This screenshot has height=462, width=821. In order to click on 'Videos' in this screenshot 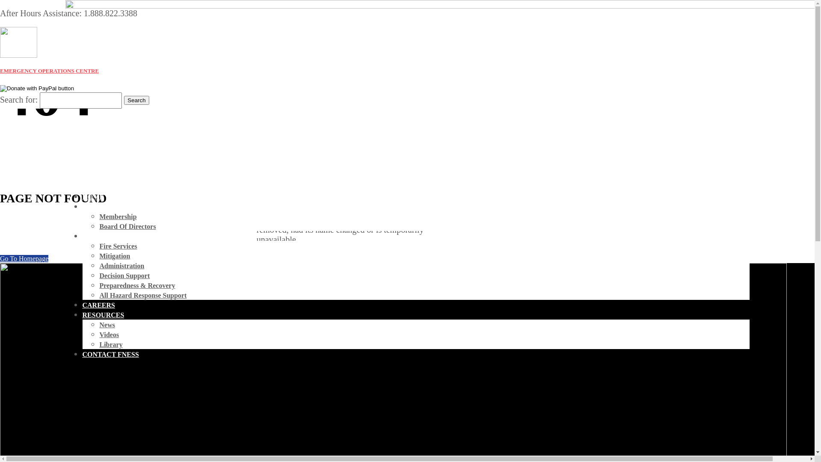, I will do `click(108, 334)`.